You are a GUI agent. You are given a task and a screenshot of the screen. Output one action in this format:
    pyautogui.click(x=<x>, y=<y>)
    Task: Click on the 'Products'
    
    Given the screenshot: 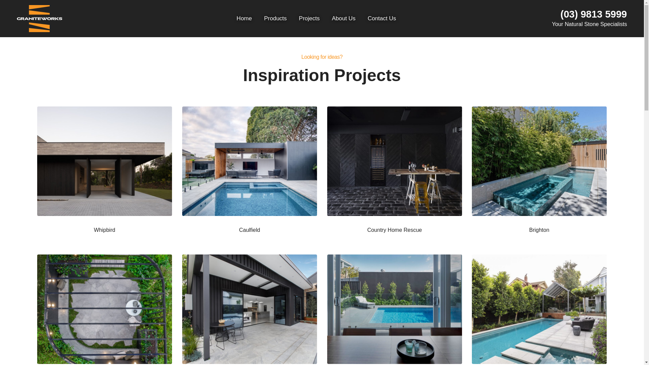 What is the action you would take?
    pyautogui.click(x=275, y=18)
    